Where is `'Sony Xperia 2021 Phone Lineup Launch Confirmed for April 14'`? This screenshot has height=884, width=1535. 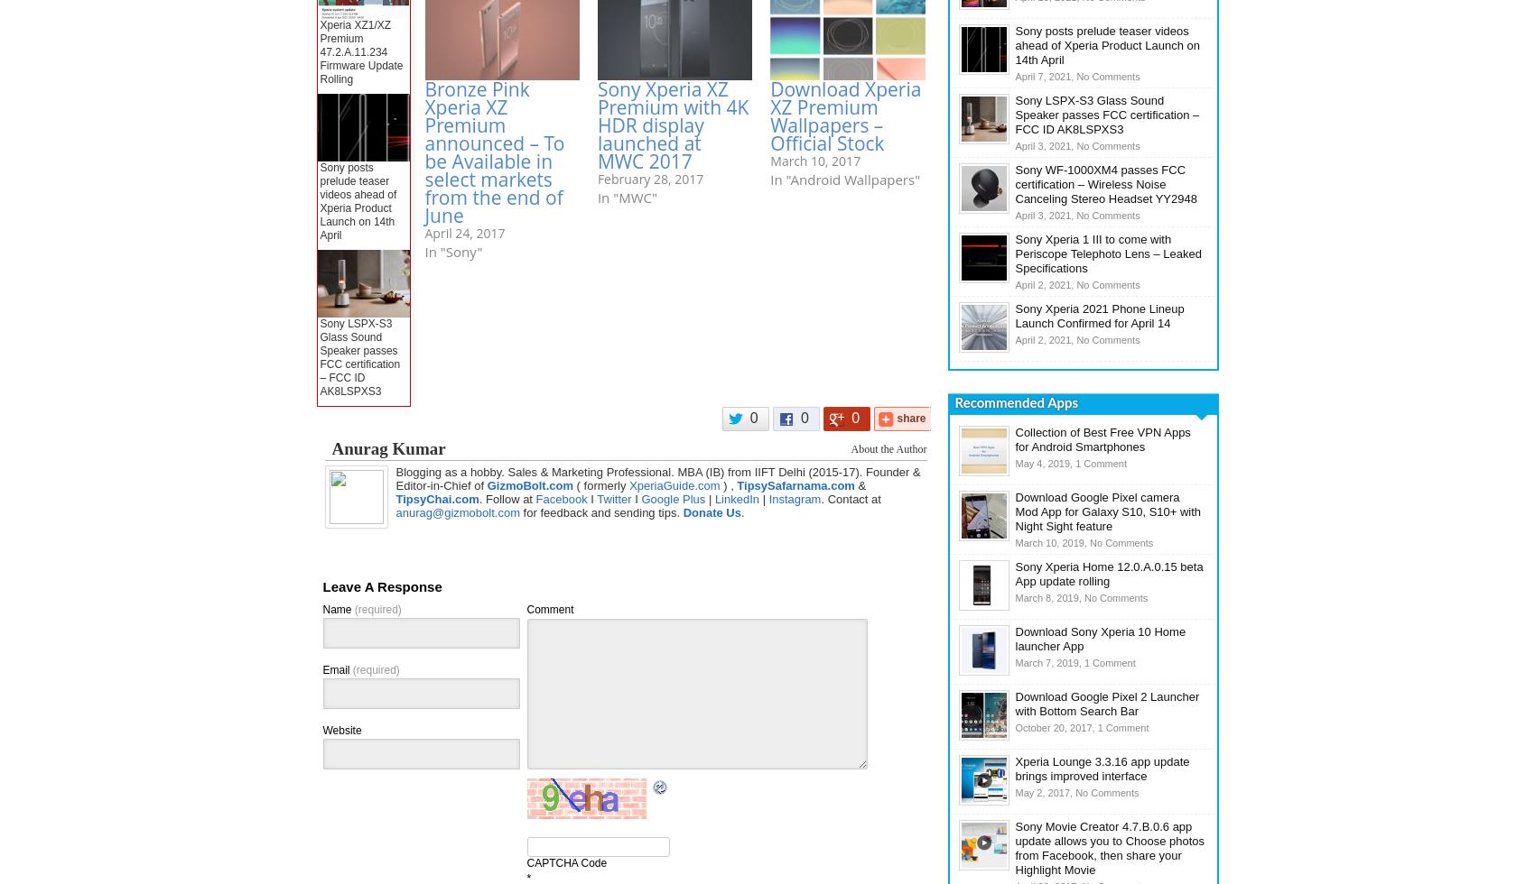 'Sony Xperia 2021 Phone Lineup Launch Confirmed for April 14' is located at coordinates (1015, 316).